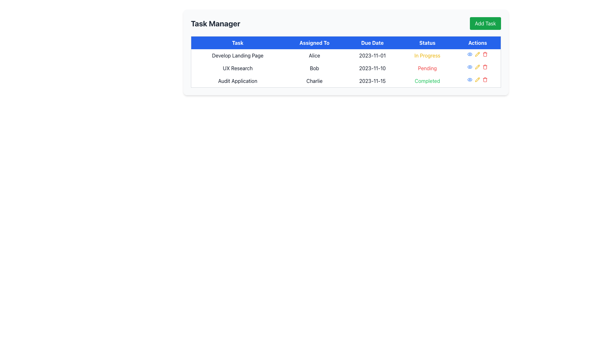 Image resolution: width=610 pixels, height=343 pixels. Describe the element at coordinates (470, 54) in the screenshot. I see `the outer elliptical outline of the eye icon located in the 'Actions' column of the second row in the Task Manager card` at that location.